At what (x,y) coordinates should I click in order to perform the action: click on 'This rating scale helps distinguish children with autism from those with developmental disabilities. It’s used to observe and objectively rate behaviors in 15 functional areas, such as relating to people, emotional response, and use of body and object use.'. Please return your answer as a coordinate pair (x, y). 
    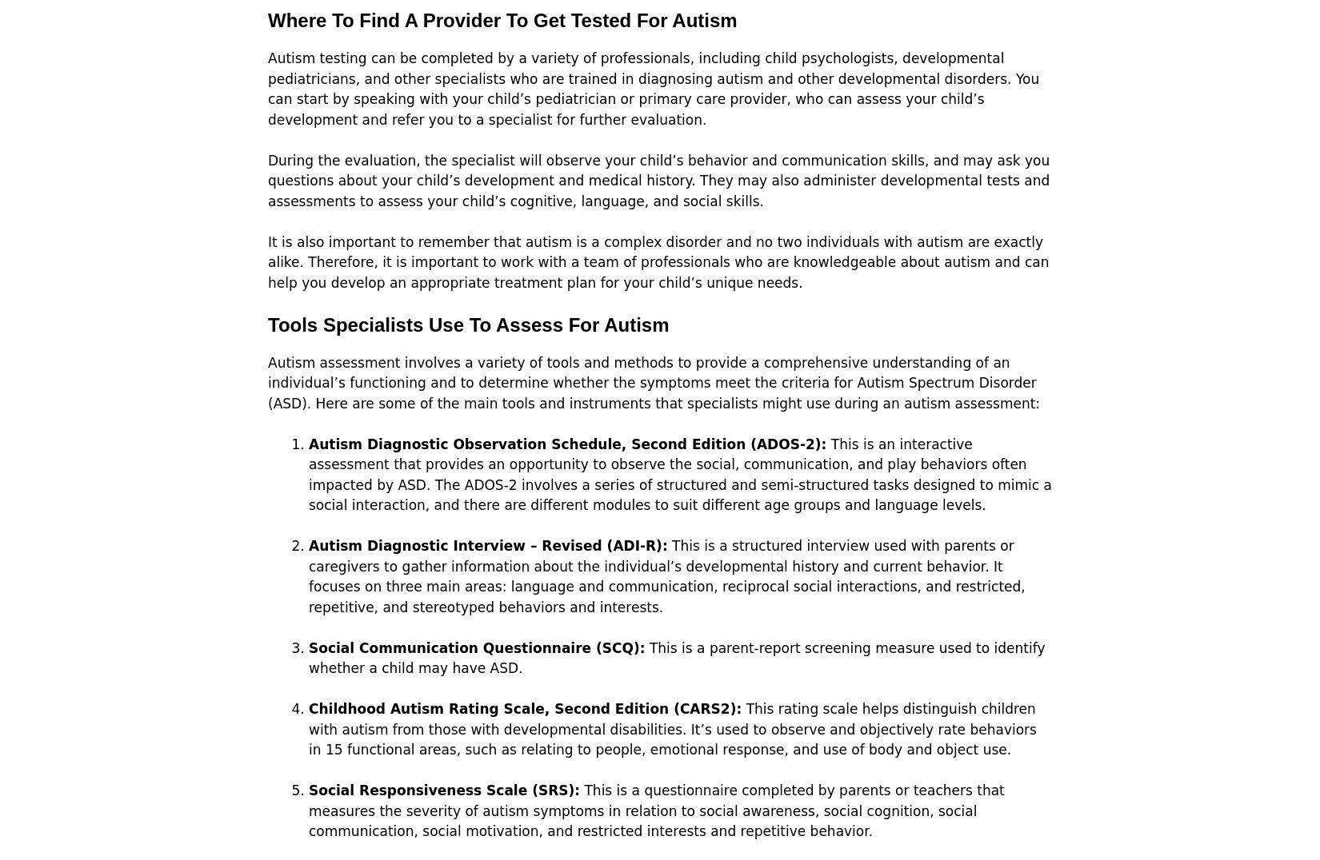
    Looking at the image, I should click on (672, 728).